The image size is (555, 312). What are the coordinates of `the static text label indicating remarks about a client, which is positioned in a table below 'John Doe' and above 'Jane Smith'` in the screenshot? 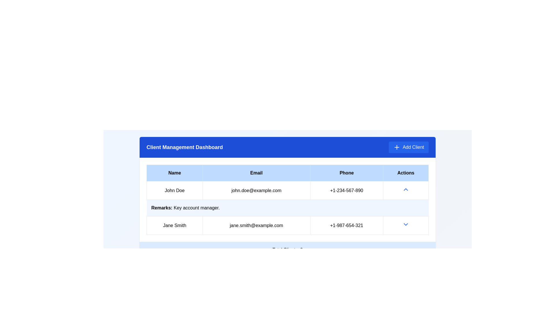 It's located at (162, 207).